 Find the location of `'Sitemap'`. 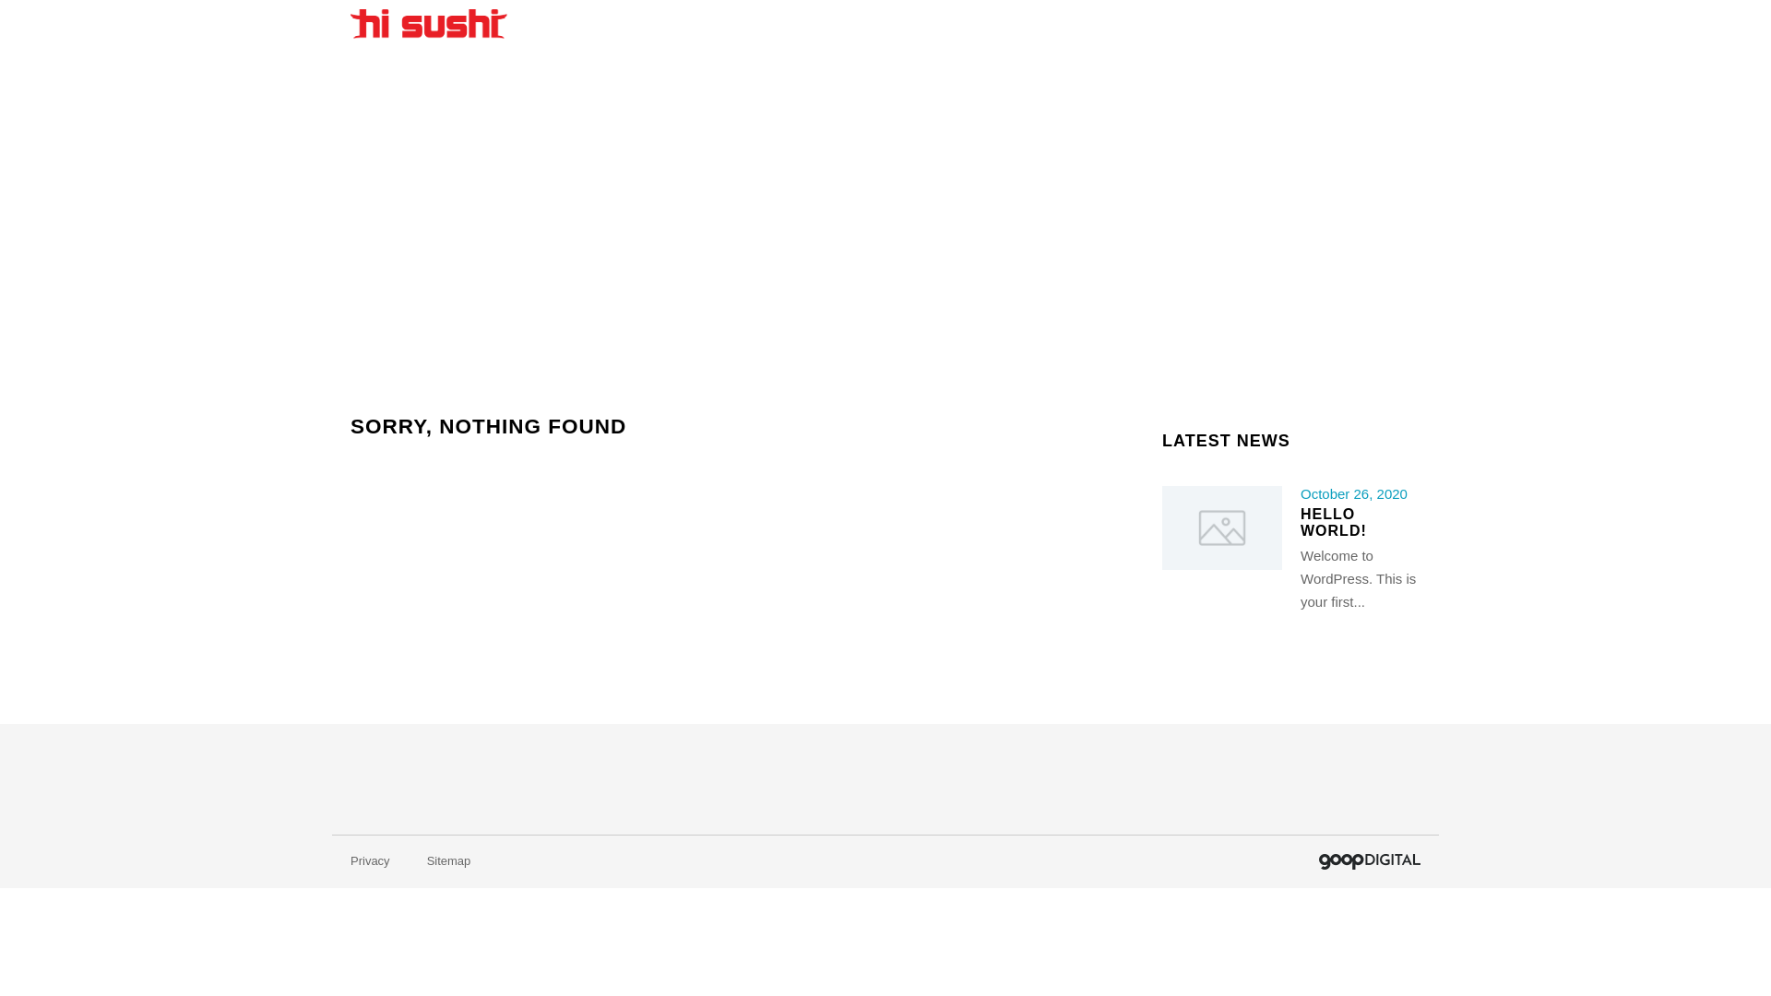

'Sitemap' is located at coordinates (448, 860).